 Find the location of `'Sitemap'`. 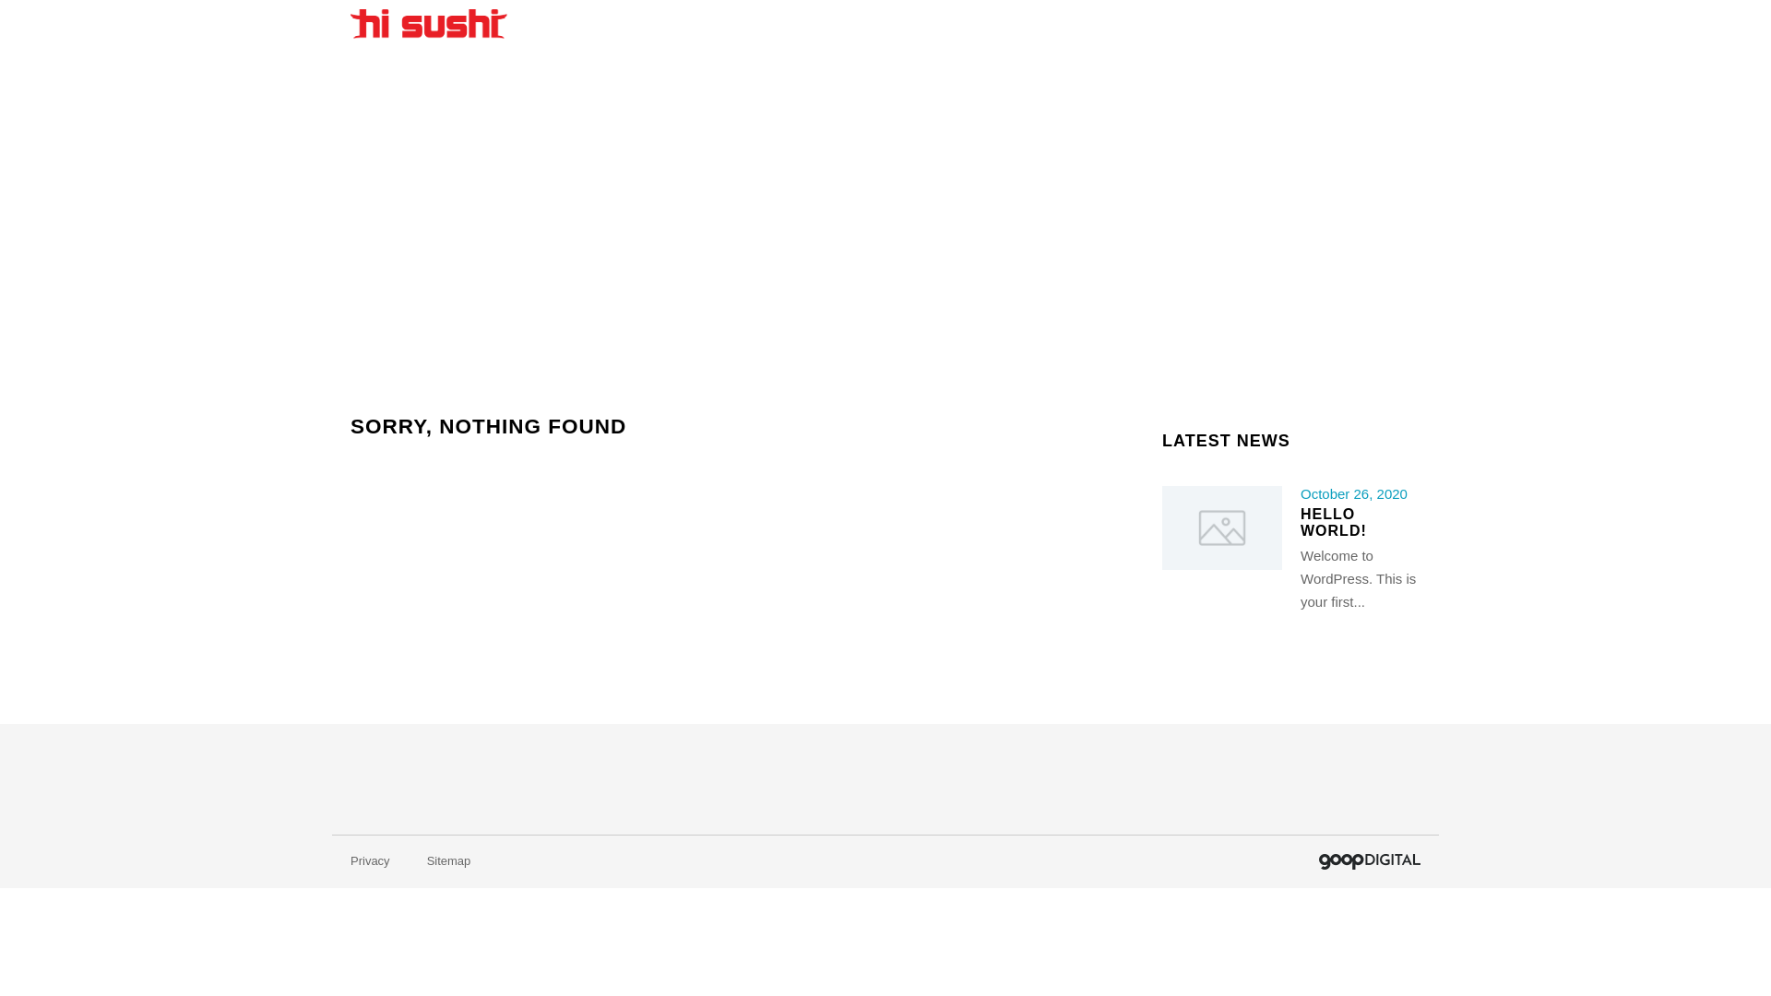

'Sitemap' is located at coordinates (448, 860).